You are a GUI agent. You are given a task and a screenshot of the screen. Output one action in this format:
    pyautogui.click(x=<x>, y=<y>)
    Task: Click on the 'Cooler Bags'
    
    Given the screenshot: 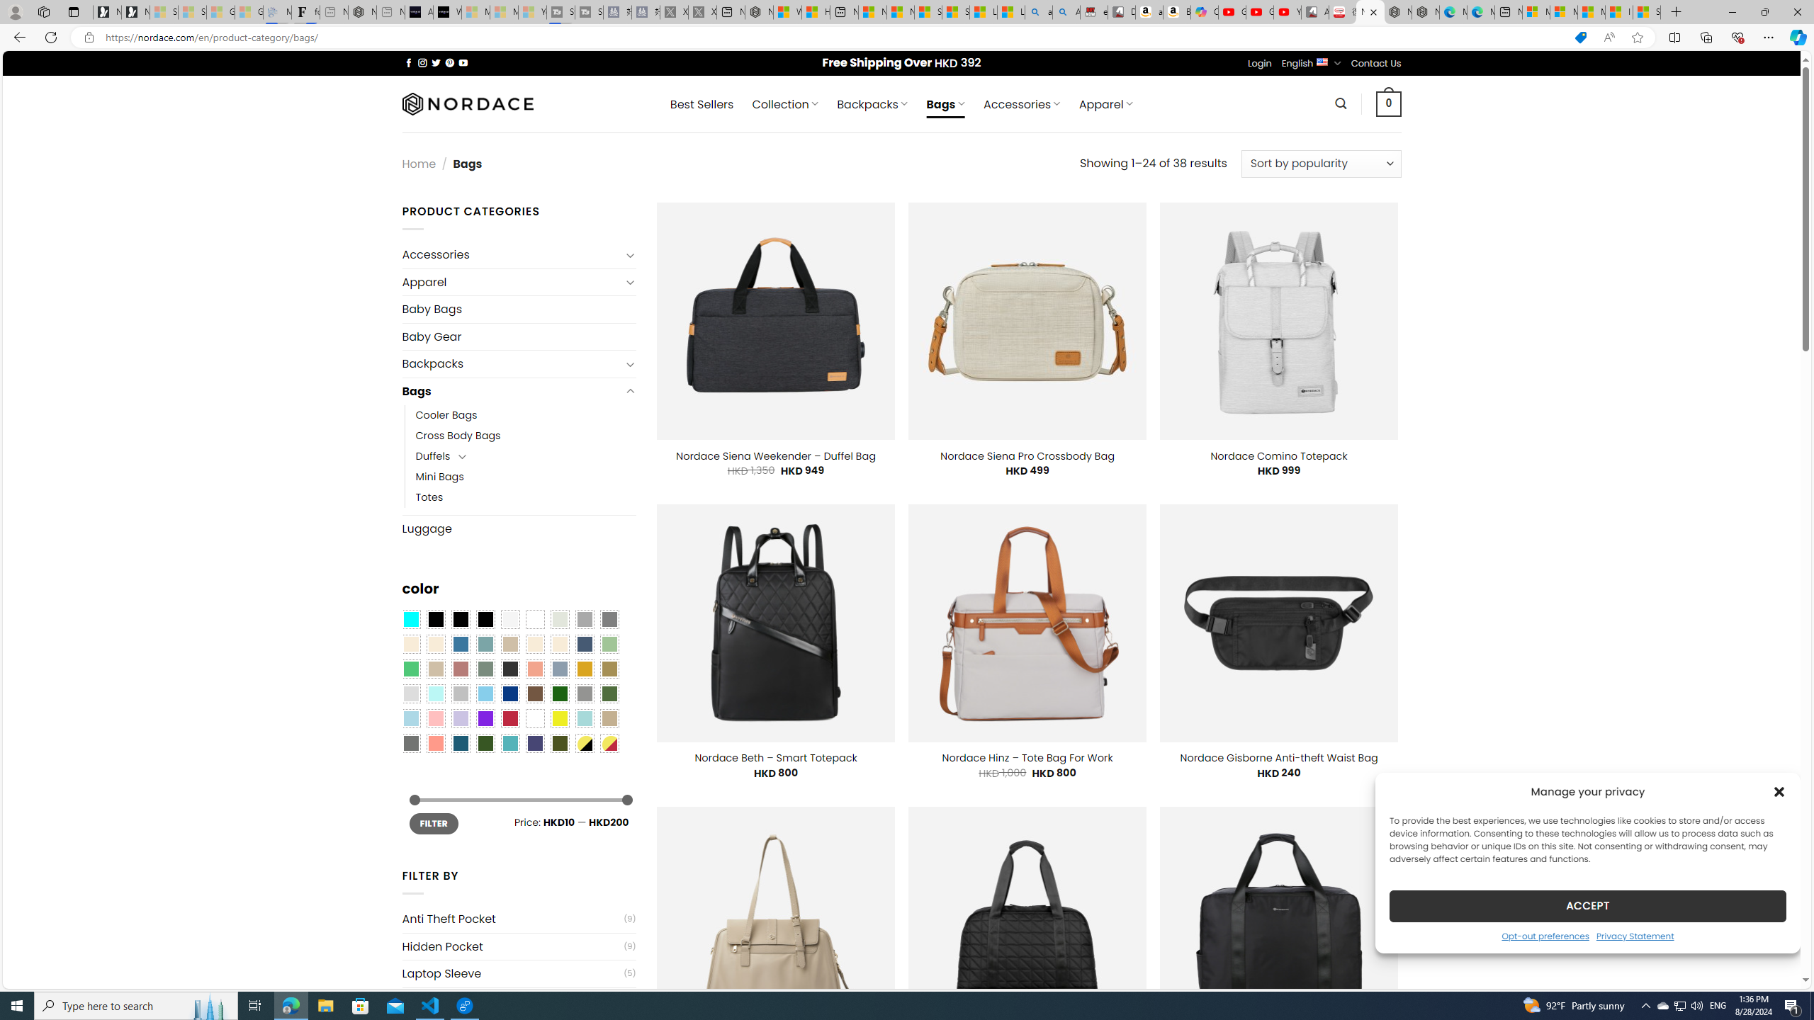 What is the action you would take?
    pyautogui.click(x=445, y=414)
    